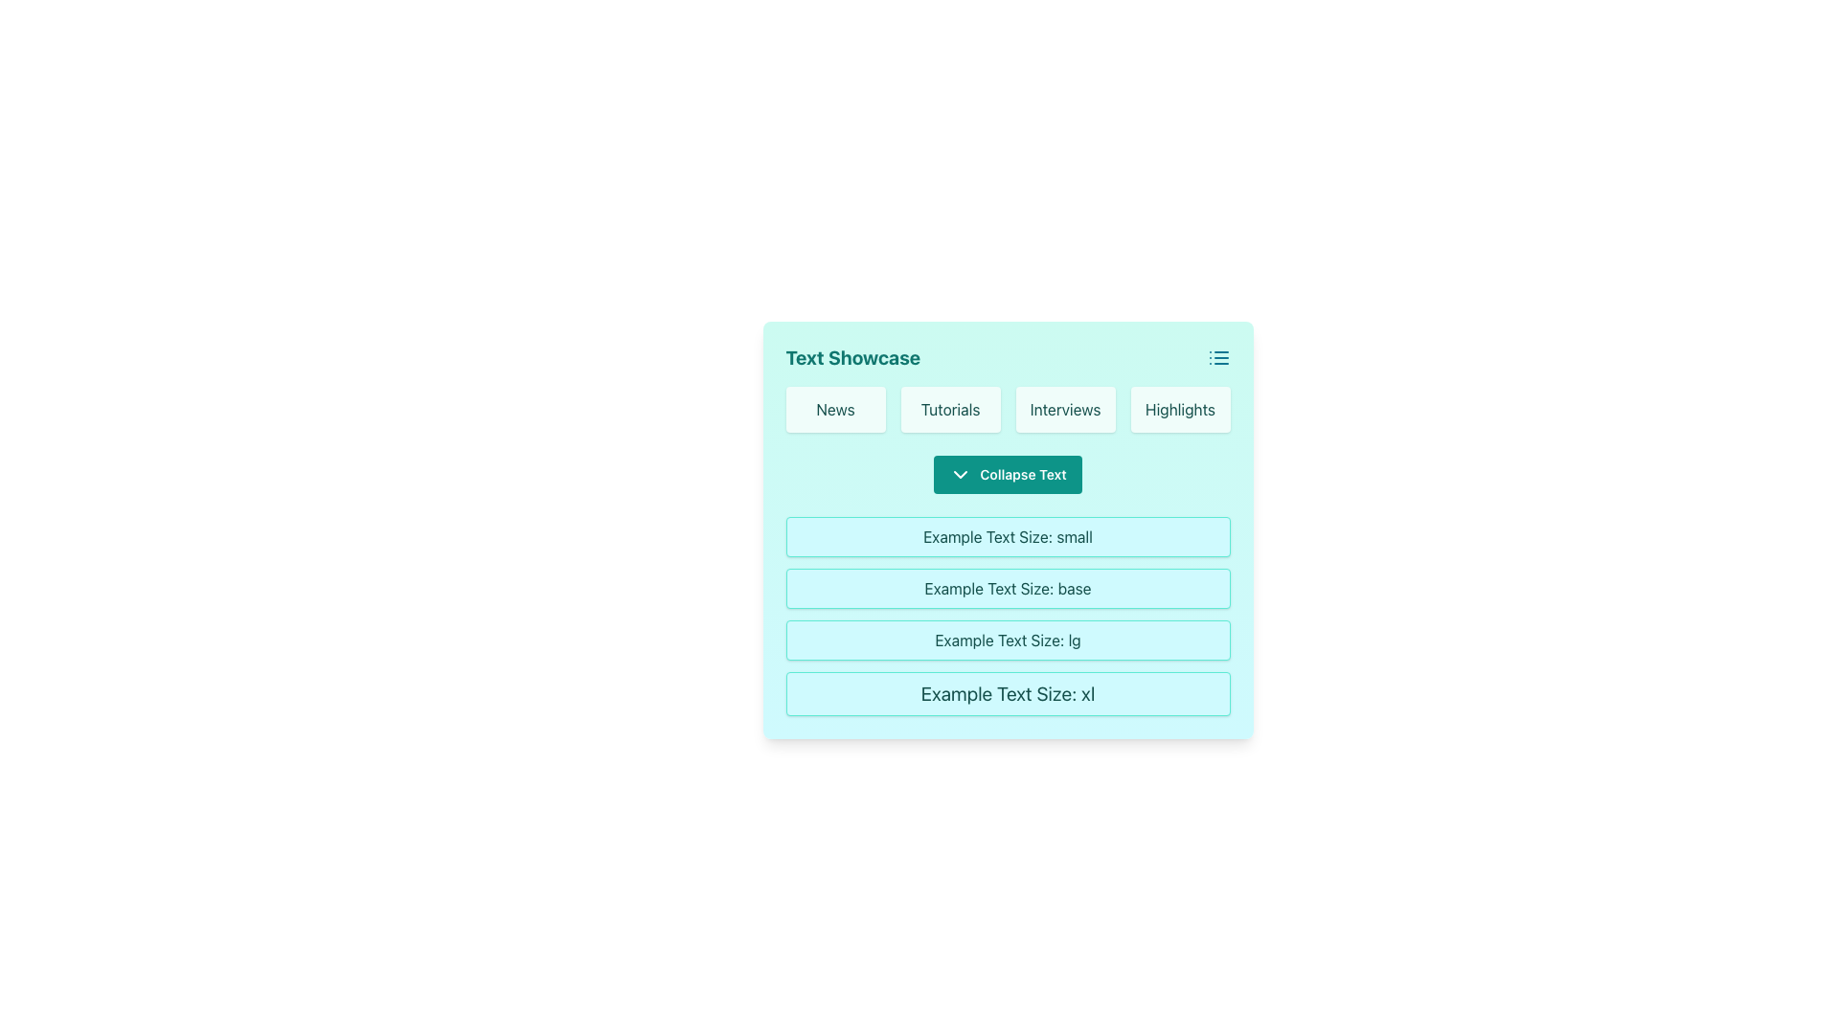 This screenshot has height=1034, width=1839. What do you see at coordinates (950, 409) in the screenshot?
I see `the 'Tutorials' button, which is the second button in a row of four, located between the 'News' button on the left and the 'Interviews' button on the right, to trigger hover effects` at bounding box center [950, 409].